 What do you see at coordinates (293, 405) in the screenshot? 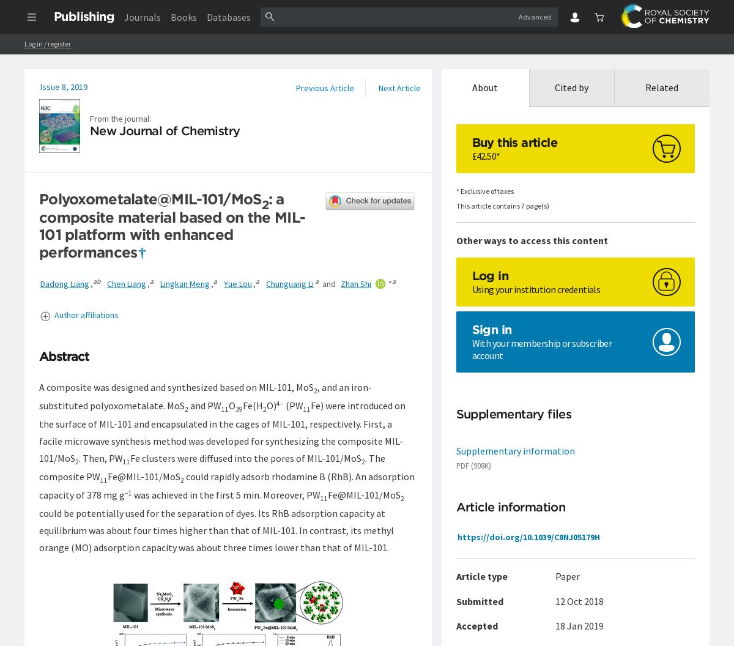
I see `'(PW'` at bounding box center [293, 405].